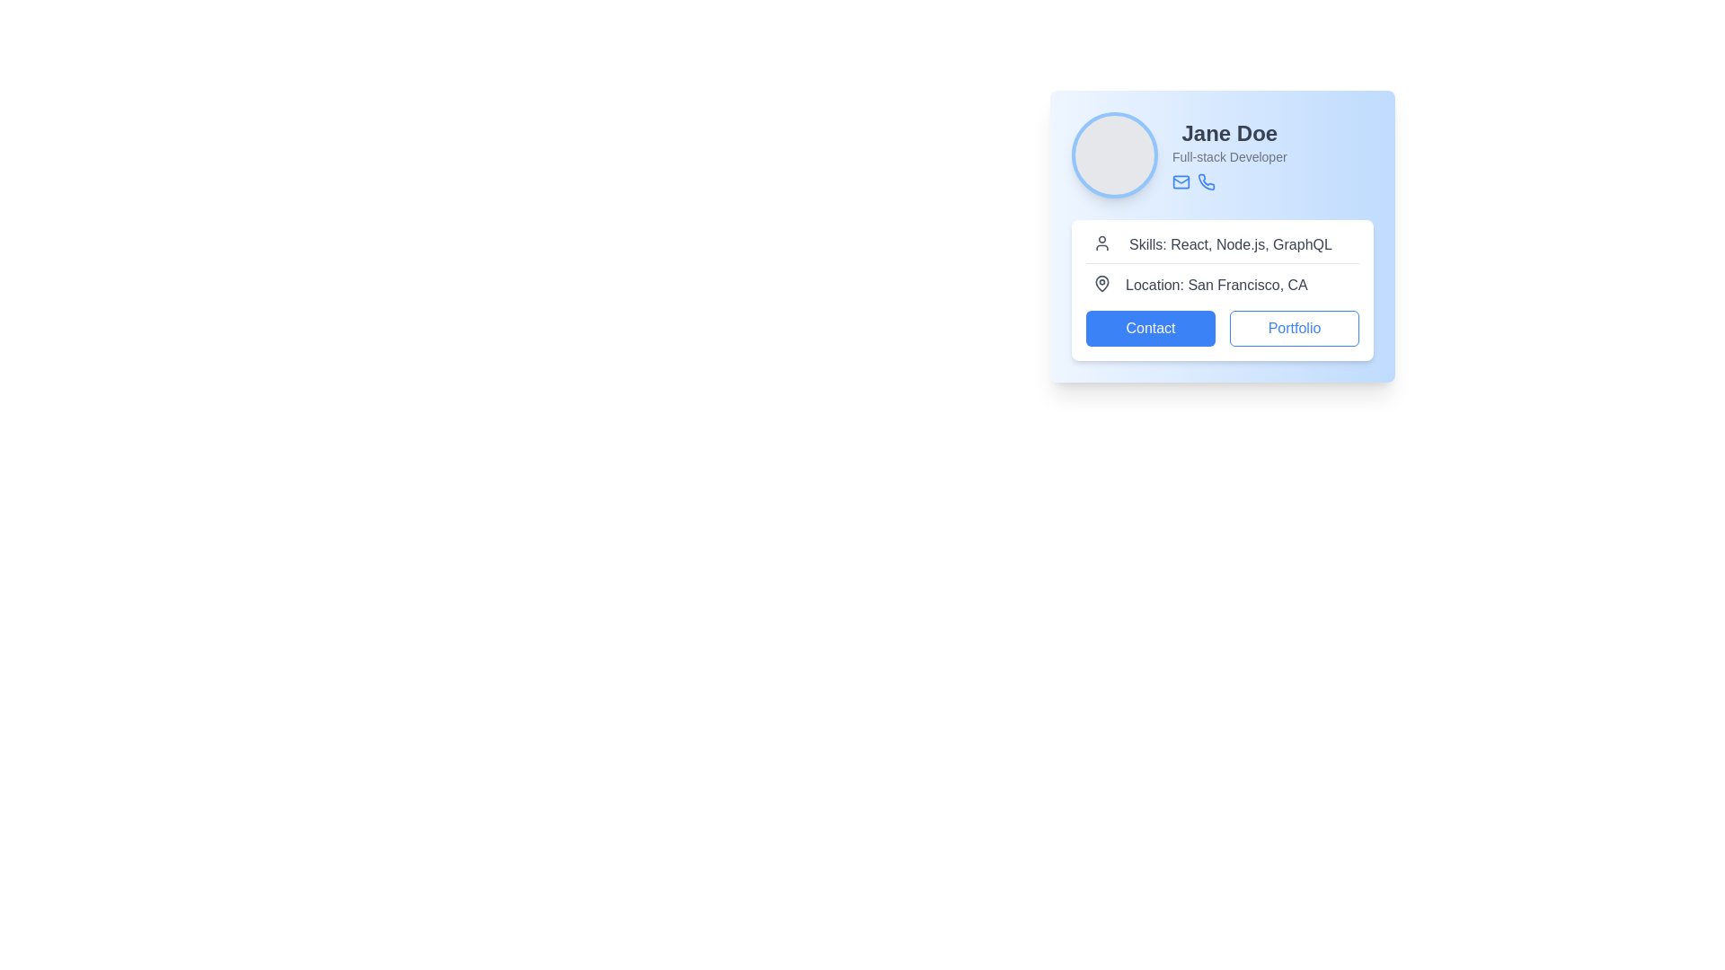 The width and height of the screenshot is (1725, 970). I want to click on the text label indicating the profession or job title associated with the user profile, which is positioned below the name 'Jane Doe' in the user profile card, so click(1228, 155).